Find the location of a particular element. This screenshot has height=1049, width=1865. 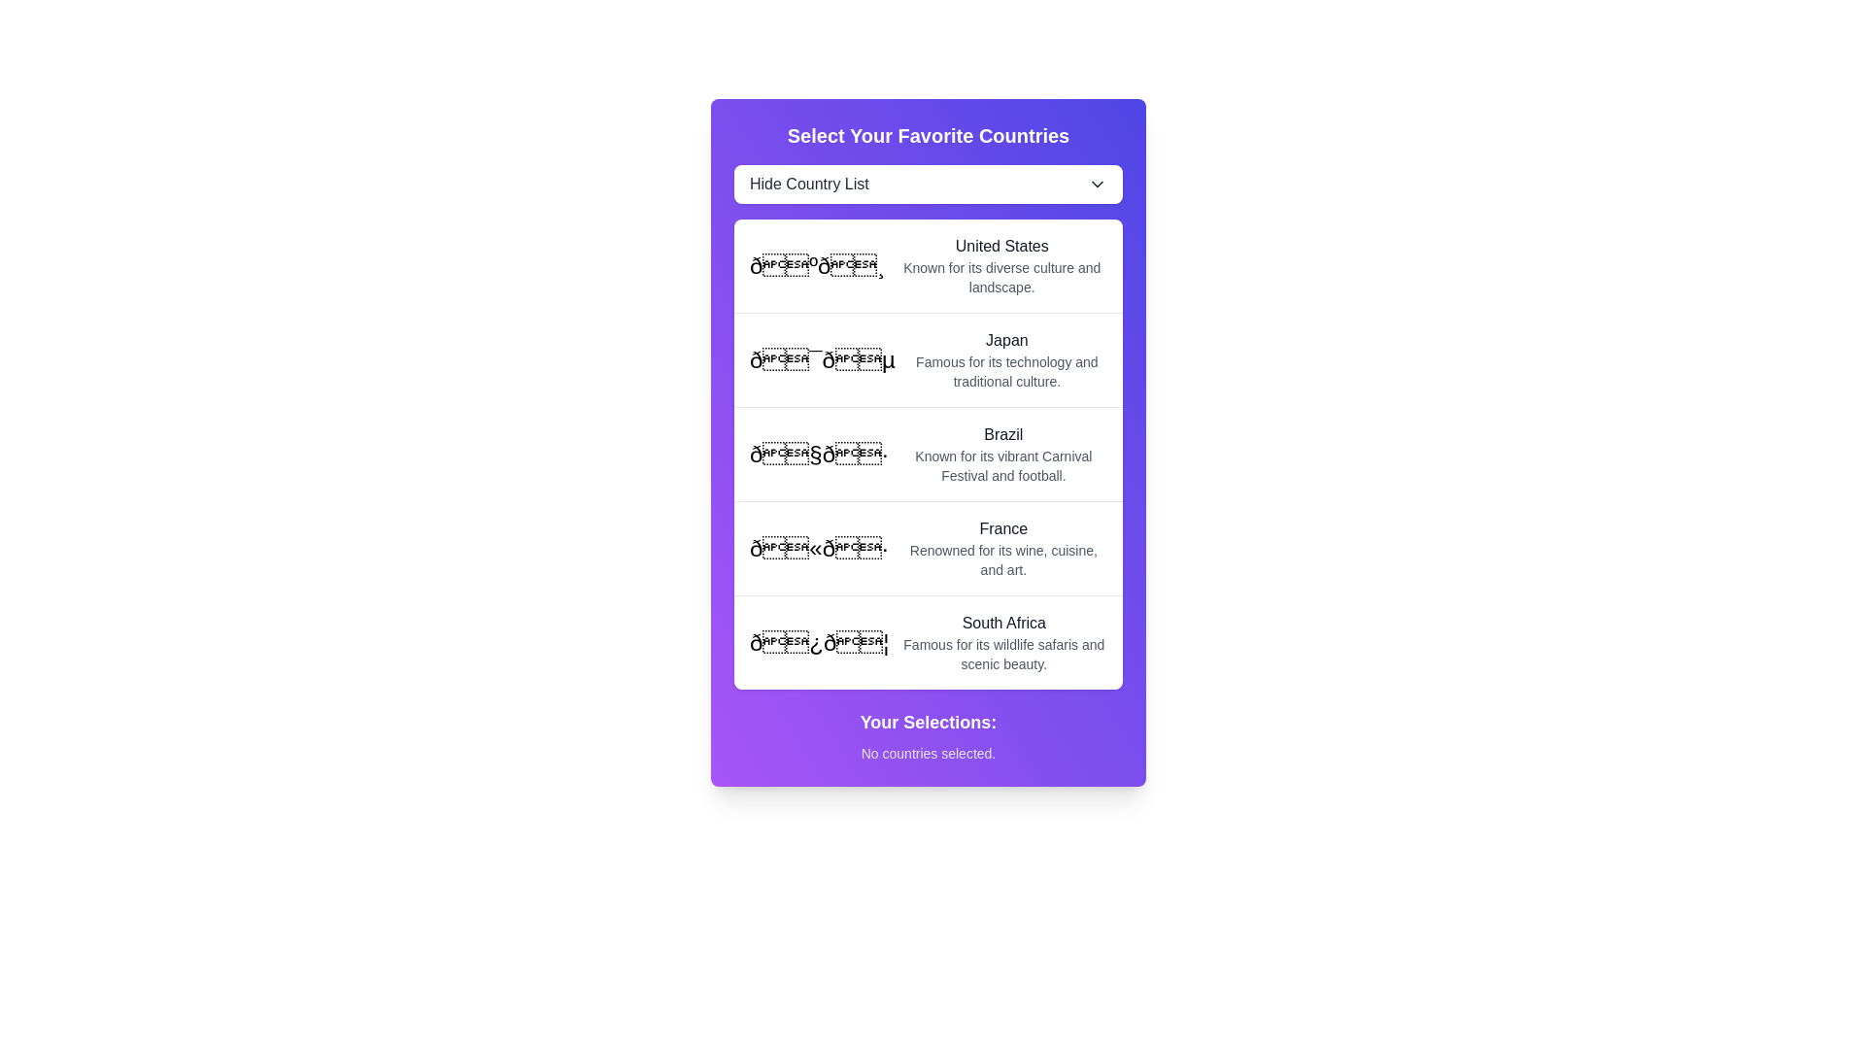

the text label identifying 'South Africa', which serves as a heading for the country description is located at coordinates (1003, 623).